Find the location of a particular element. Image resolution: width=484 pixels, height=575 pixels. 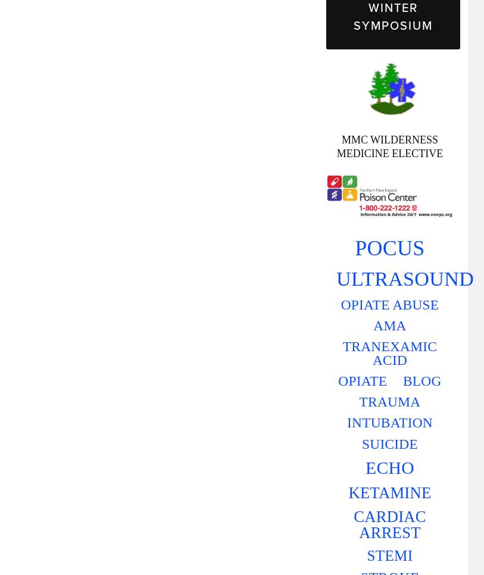

'MMC WILDERNESS MEDICINE ELECTIVE' is located at coordinates (389, 146).